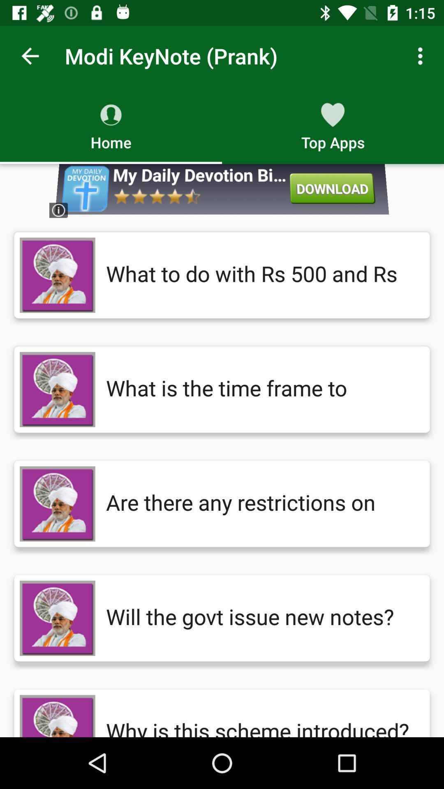 The height and width of the screenshot is (789, 444). What do you see at coordinates (30, 55) in the screenshot?
I see `the app to the left of modi keynote (prank) icon` at bounding box center [30, 55].